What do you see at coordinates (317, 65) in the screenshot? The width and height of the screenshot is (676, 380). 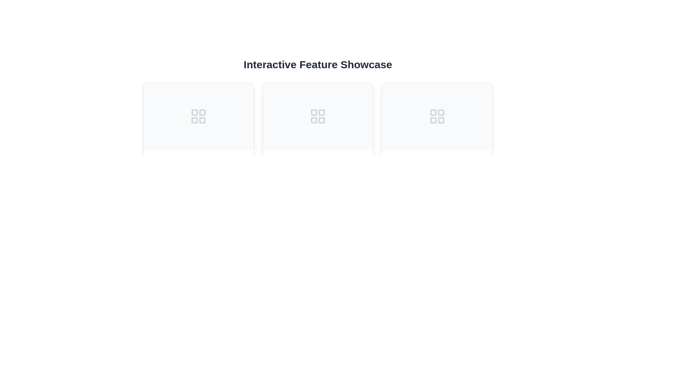 I see `the static text header displaying 'Interactive Feature Showcase', which is a bold, large-sized title in dark gray font located at the top of the content area` at bounding box center [317, 65].